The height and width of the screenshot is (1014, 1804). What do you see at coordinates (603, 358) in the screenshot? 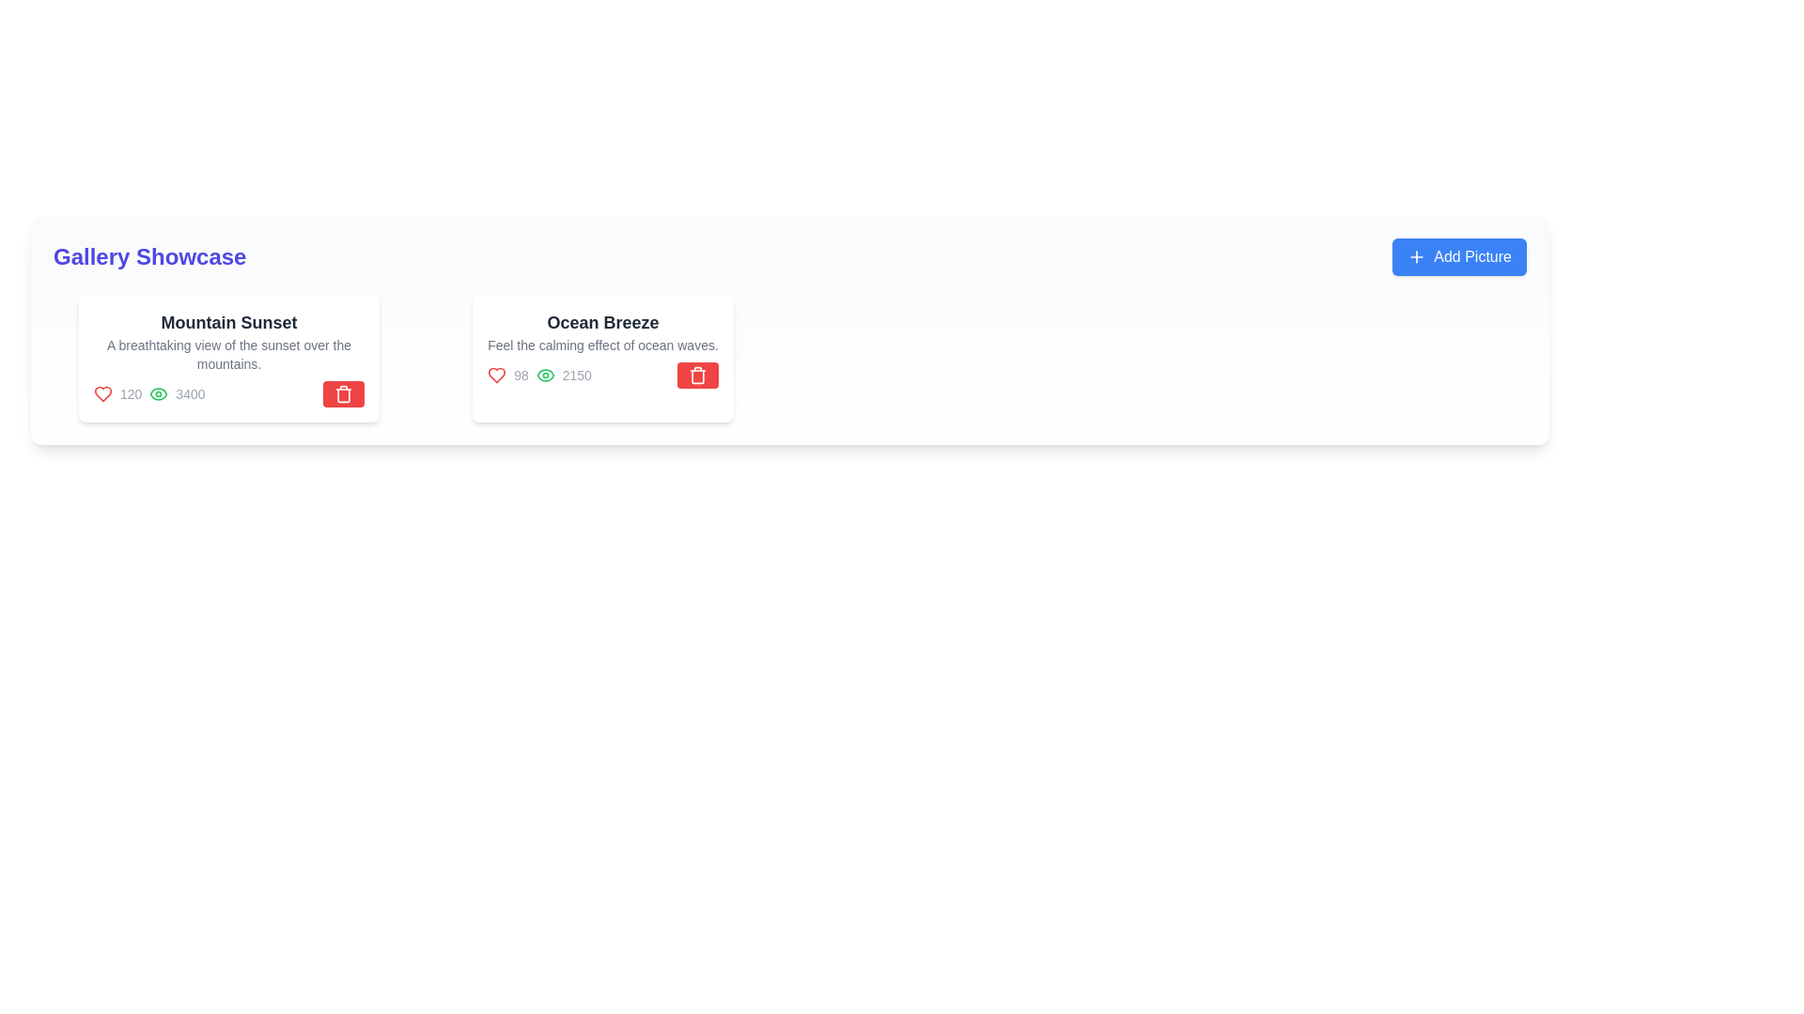
I see `descriptive text of the 'Ocean Breeze' card, which is the second card in a horizontally arranged grid list, located centrally just to the right of the 'Mountain Sunset' card` at bounding box center [603, 358].